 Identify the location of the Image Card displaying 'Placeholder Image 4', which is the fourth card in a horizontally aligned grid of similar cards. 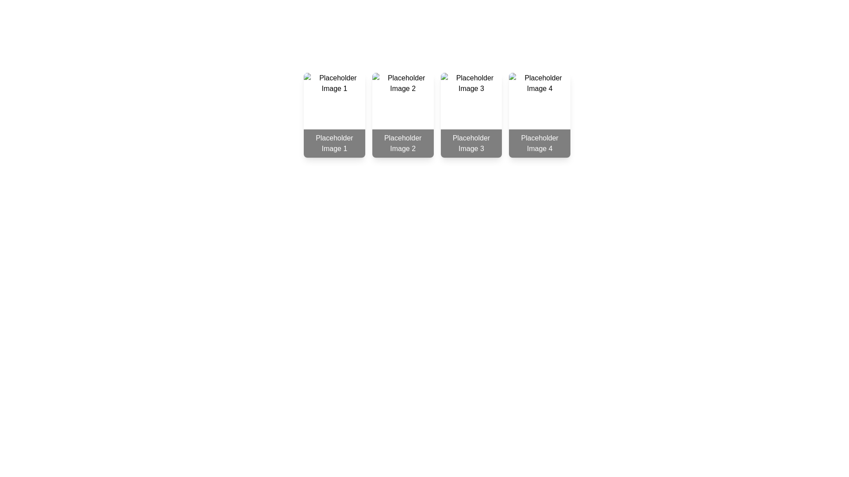
(539, 115).